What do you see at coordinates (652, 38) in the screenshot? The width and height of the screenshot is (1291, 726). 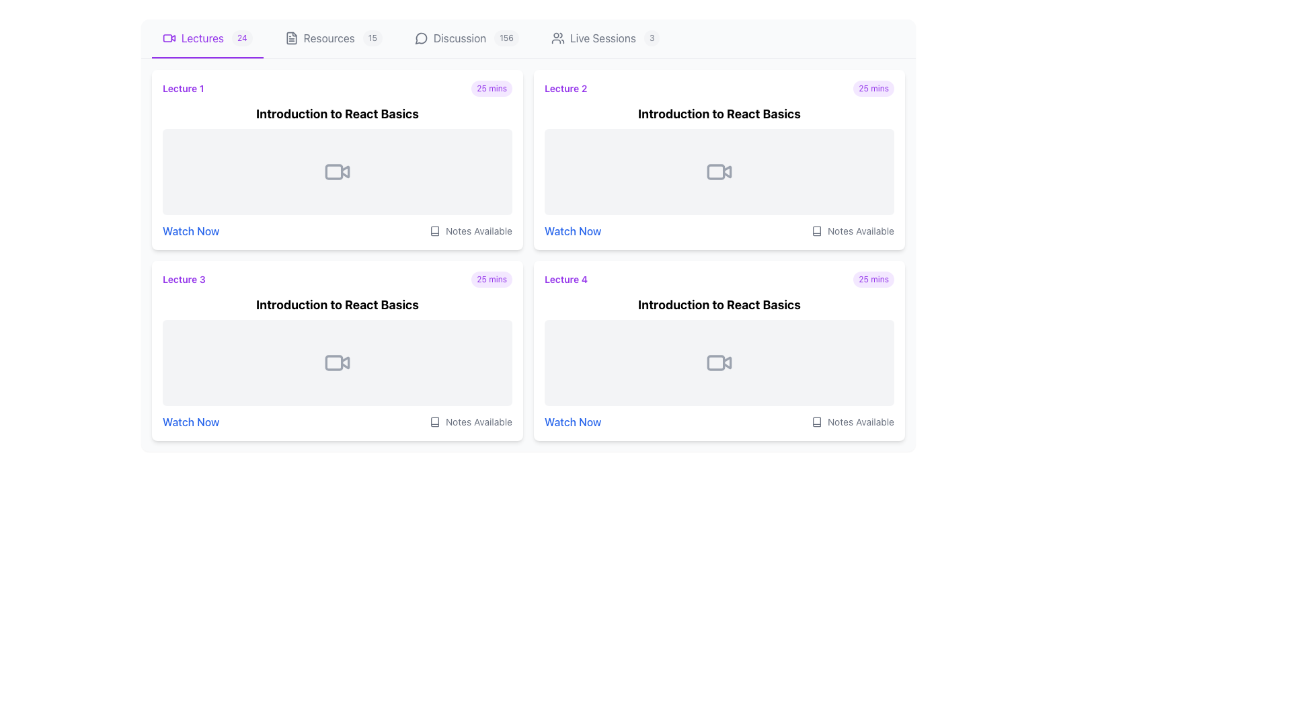 I see `the content of the Counter Badge indicating the number of available Live Sessions, located at the far right of the Live Sessions section in the navigation bar` at bounding box center [652, 38].